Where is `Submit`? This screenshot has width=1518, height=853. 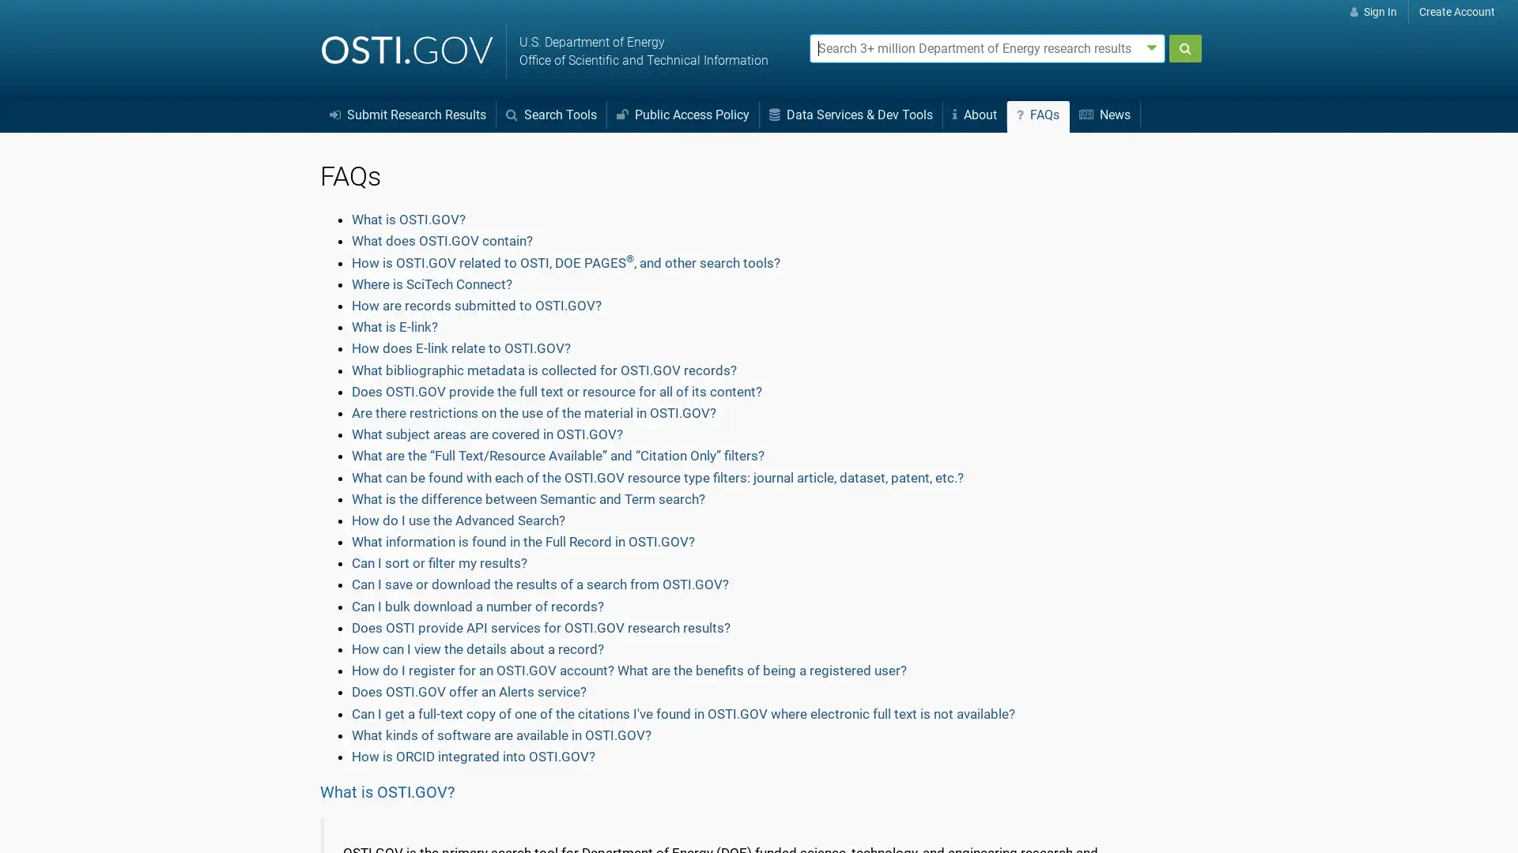 Submit is located at coordinates (1184, 47).